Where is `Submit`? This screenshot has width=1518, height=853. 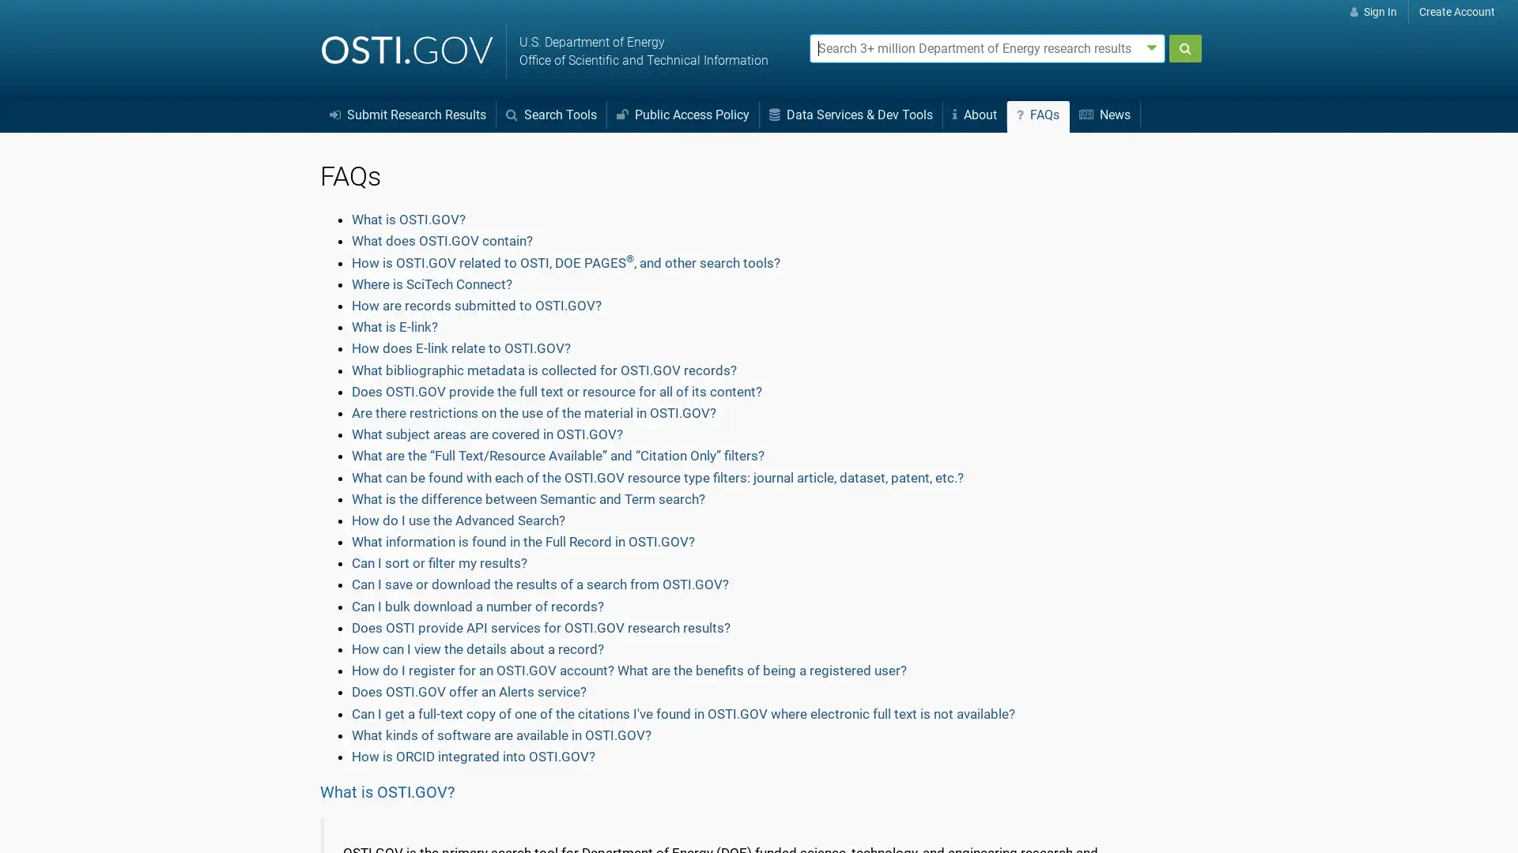 Submit is located at coordinates (1184, 47).